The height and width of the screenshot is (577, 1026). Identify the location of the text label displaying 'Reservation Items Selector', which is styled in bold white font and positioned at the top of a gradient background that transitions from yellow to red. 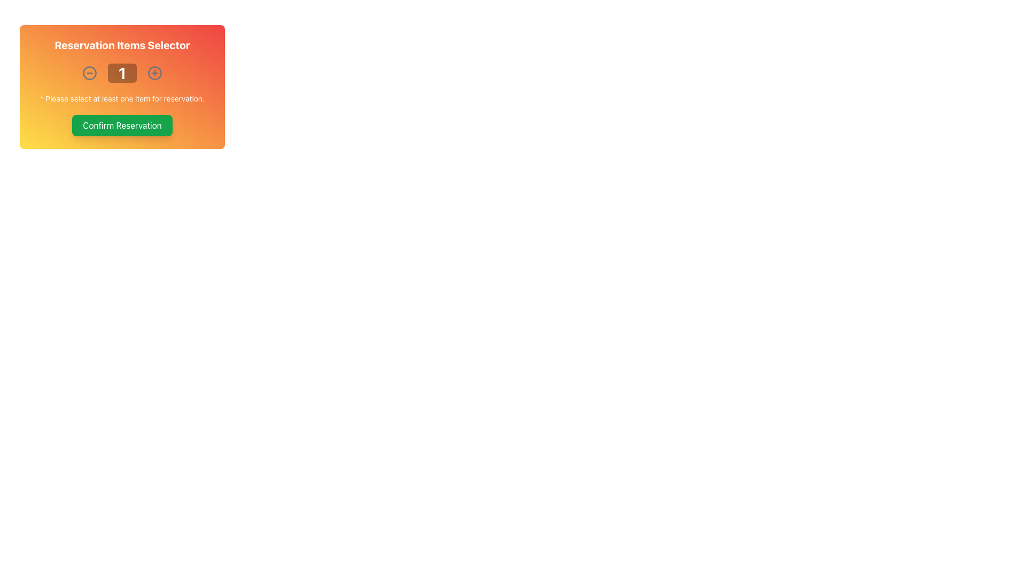
(122, 44).